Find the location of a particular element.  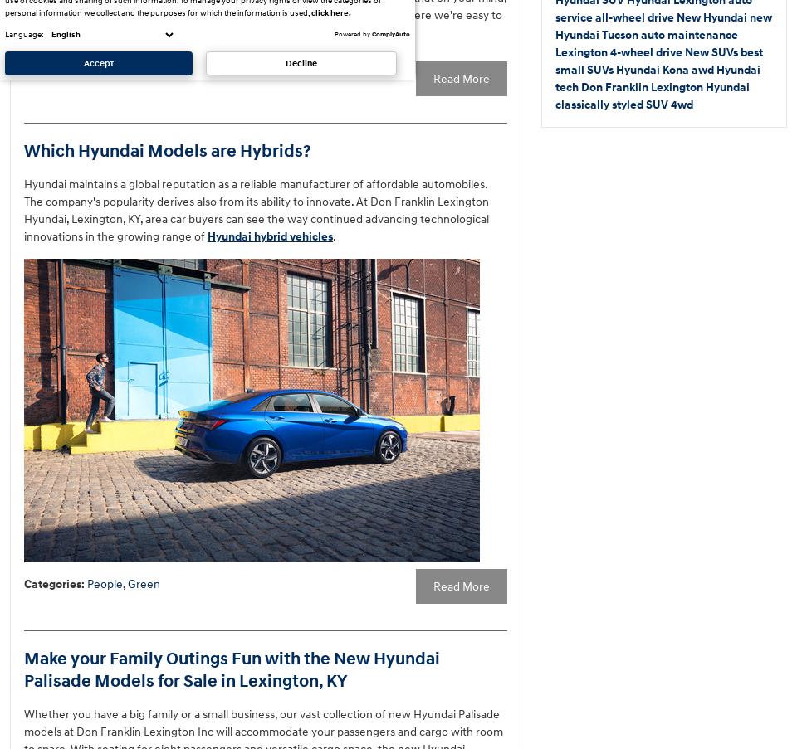

'classically styled SUV' is located at coordinates (612, 104).